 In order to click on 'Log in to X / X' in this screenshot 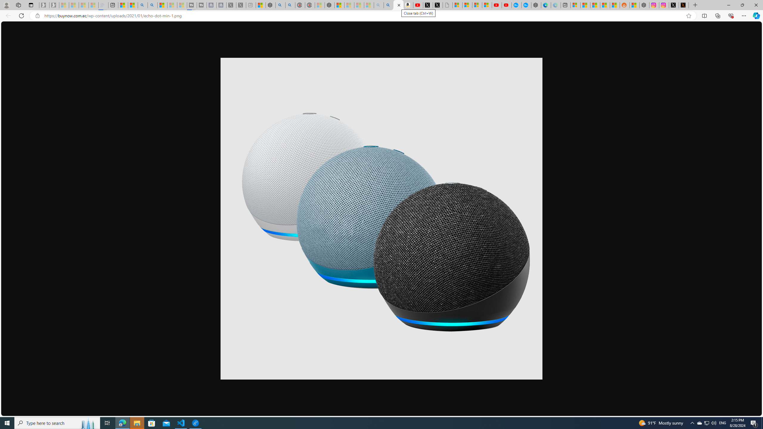, I will do `click(673, 5)`.